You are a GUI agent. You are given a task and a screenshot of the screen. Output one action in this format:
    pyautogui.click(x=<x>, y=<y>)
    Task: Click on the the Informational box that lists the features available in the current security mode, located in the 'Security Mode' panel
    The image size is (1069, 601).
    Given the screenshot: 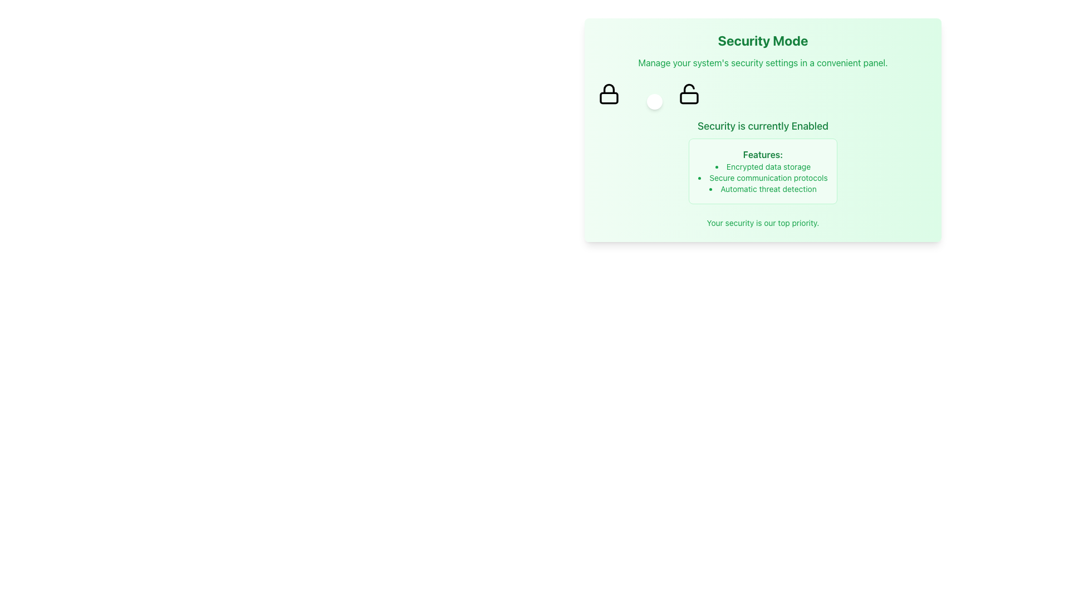 What is the action you would take?
    pyautogui.click(x=762, y=171)
    